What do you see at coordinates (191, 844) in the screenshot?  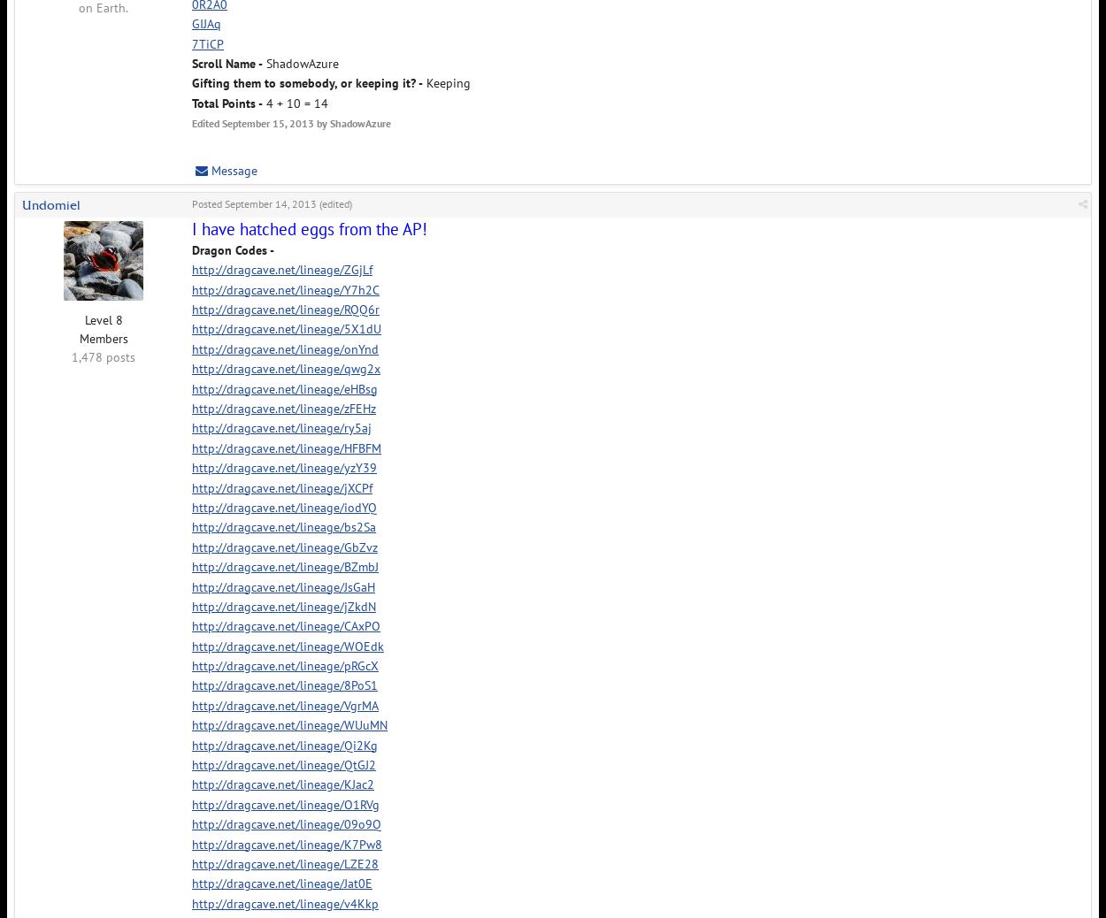 I see `'http://dragcave.net/lineage/K7Pw8'` at bounding box center [191, 844].